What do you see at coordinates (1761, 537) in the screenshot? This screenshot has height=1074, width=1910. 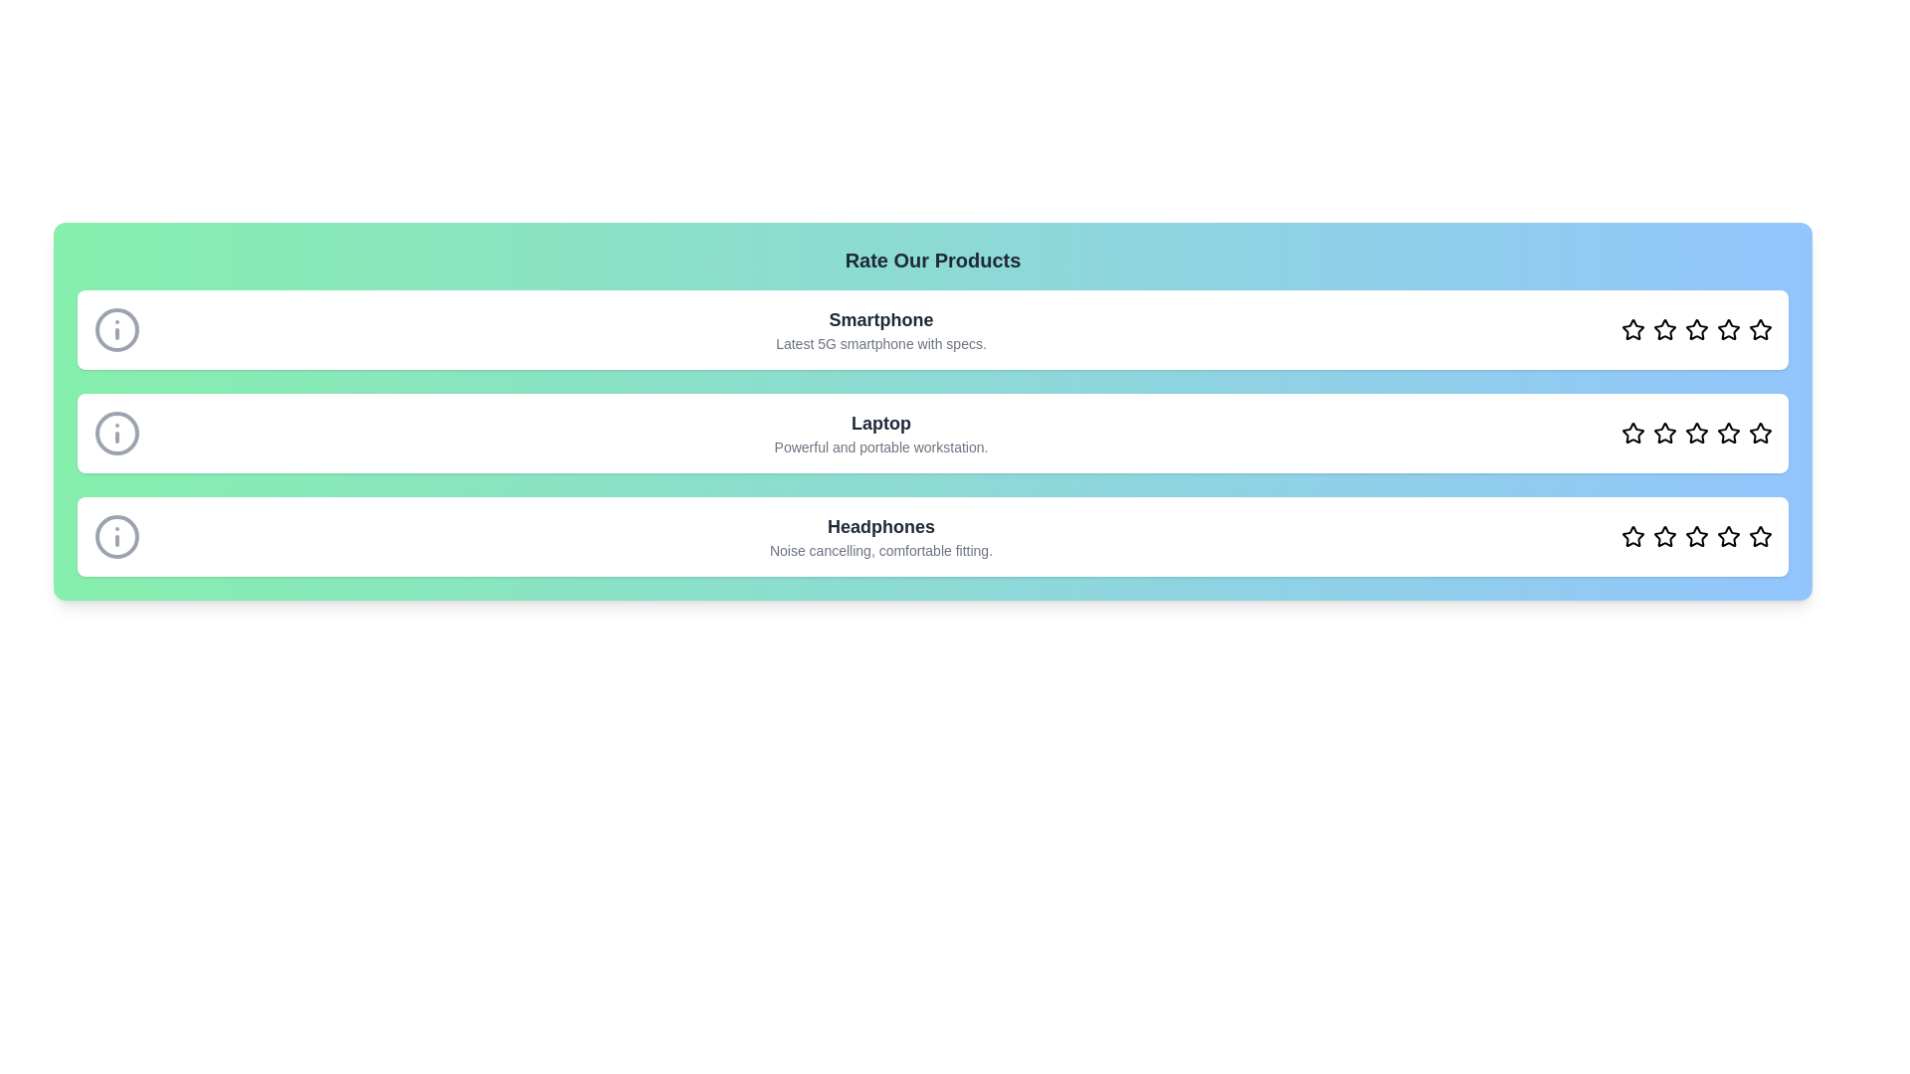 I see `the fifth star rating icon in the horizontal sequence of stars for the 'Headphones' product` at bounding box center [1761, 537].